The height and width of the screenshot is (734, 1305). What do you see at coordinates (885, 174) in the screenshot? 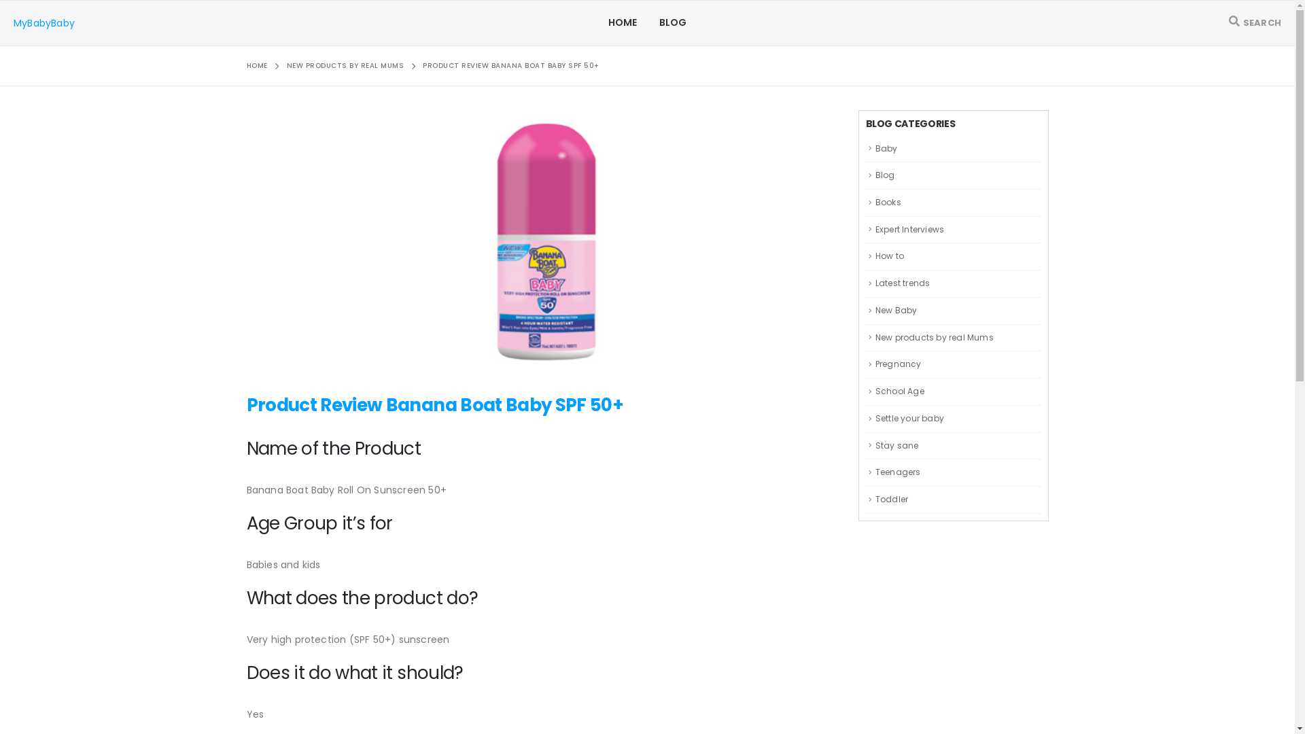
I see `'Blog'` at bounding box center [885, 174].